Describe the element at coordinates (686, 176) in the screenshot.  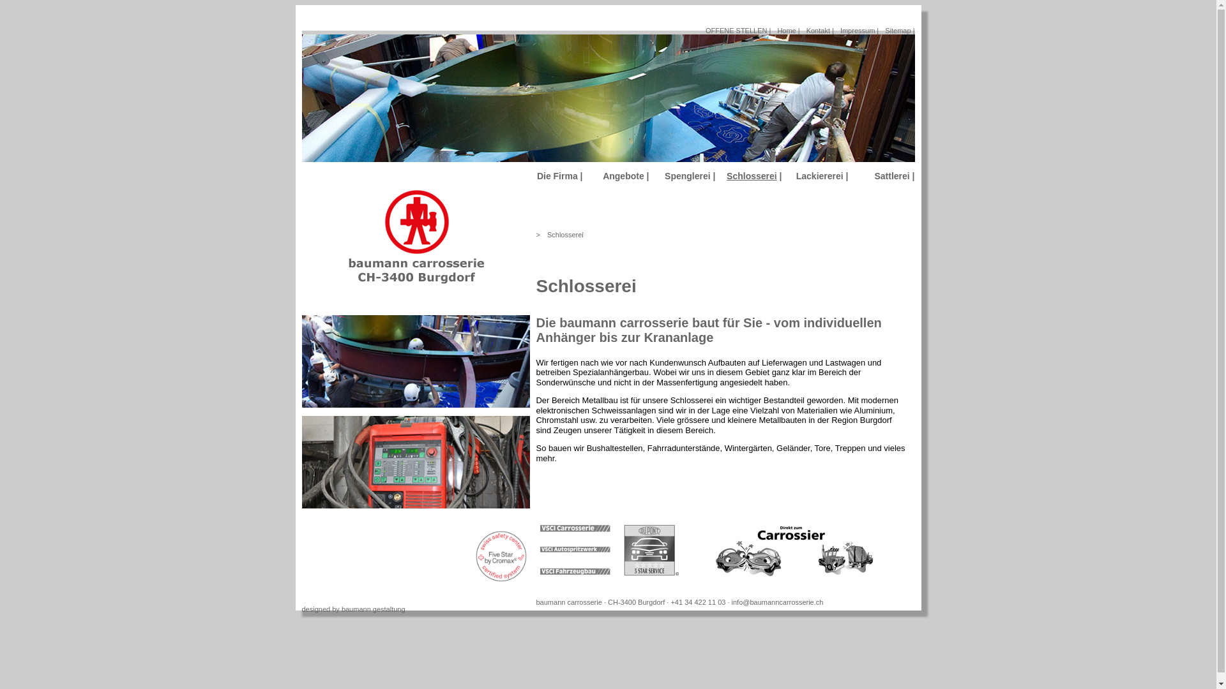
I see `'Spenglerei'` at that location.